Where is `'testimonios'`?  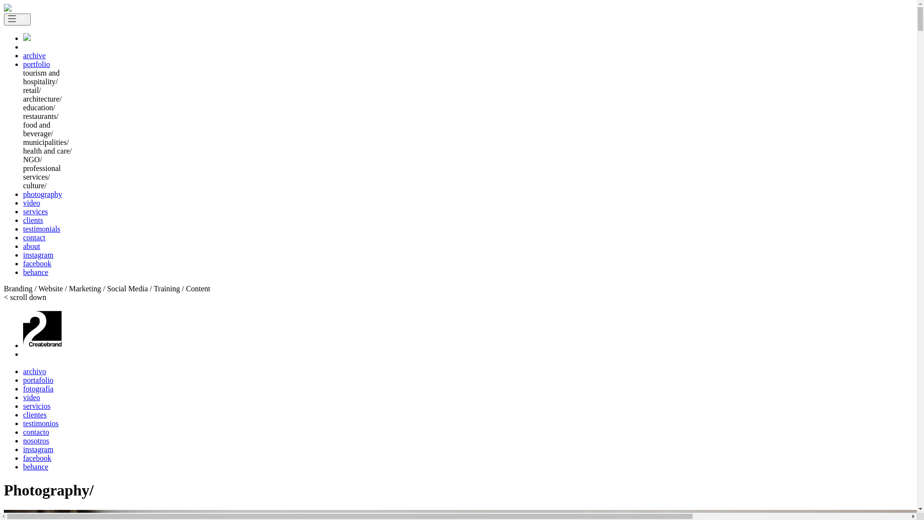
'testimonios' is located at coordinates (40, 423).